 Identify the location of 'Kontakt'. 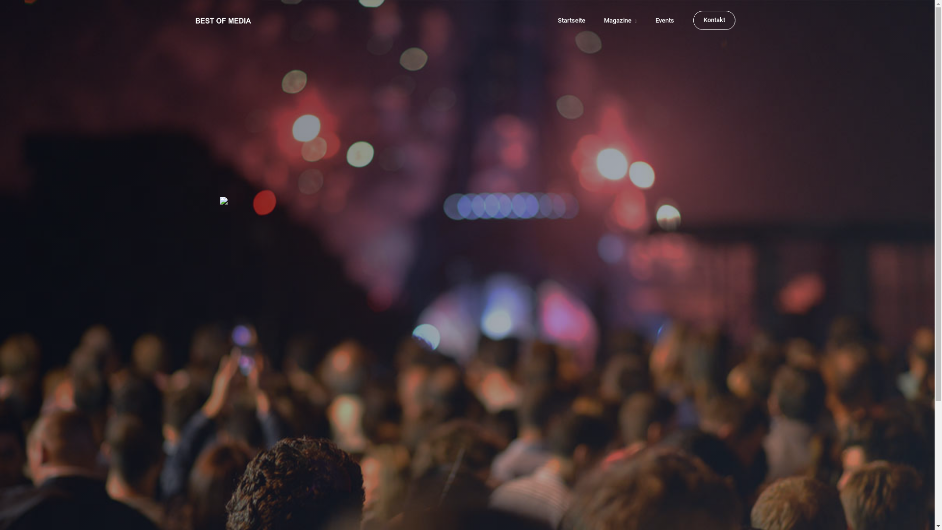
(713, 20).